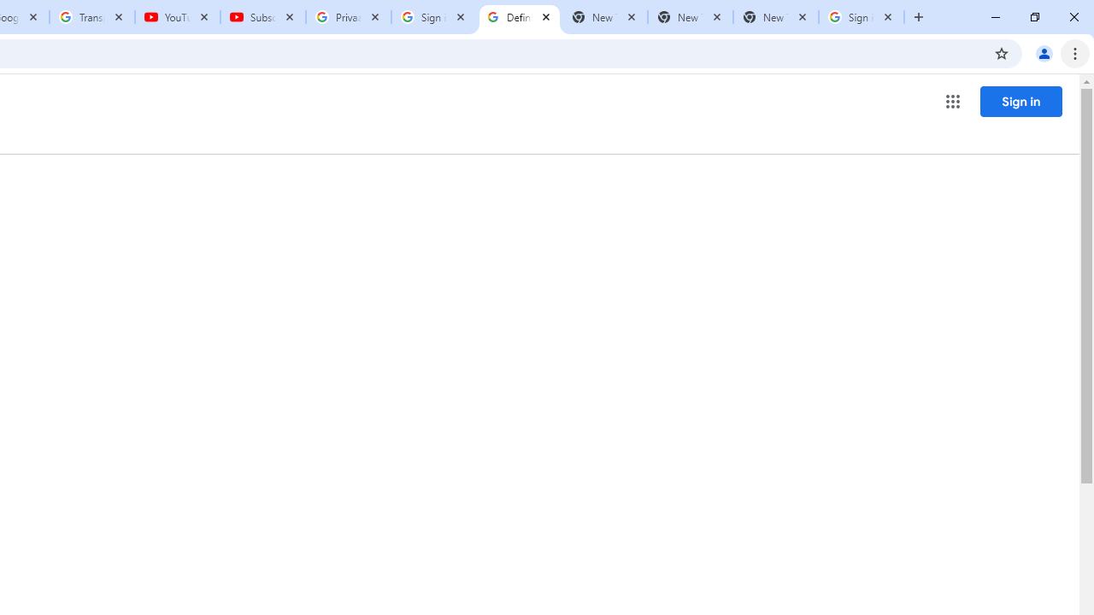  What do you see at coordinates (178, 17) in the screenshot?
I see `'YouTube'` at bounding box center [178, 17].